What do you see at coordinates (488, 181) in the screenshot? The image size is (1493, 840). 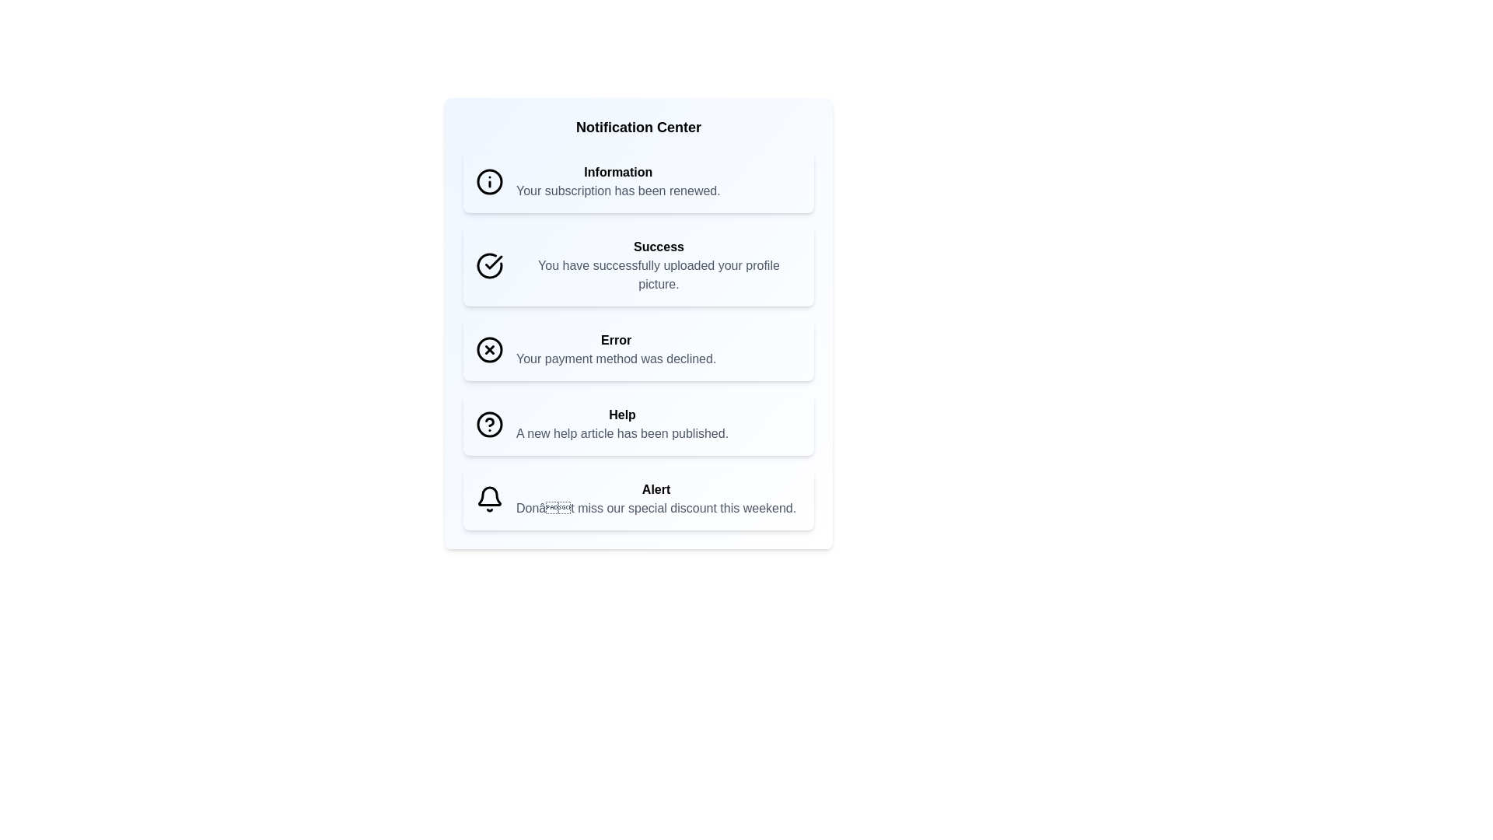 I see `the notification icon for Information` at bounding box center [488, 181].